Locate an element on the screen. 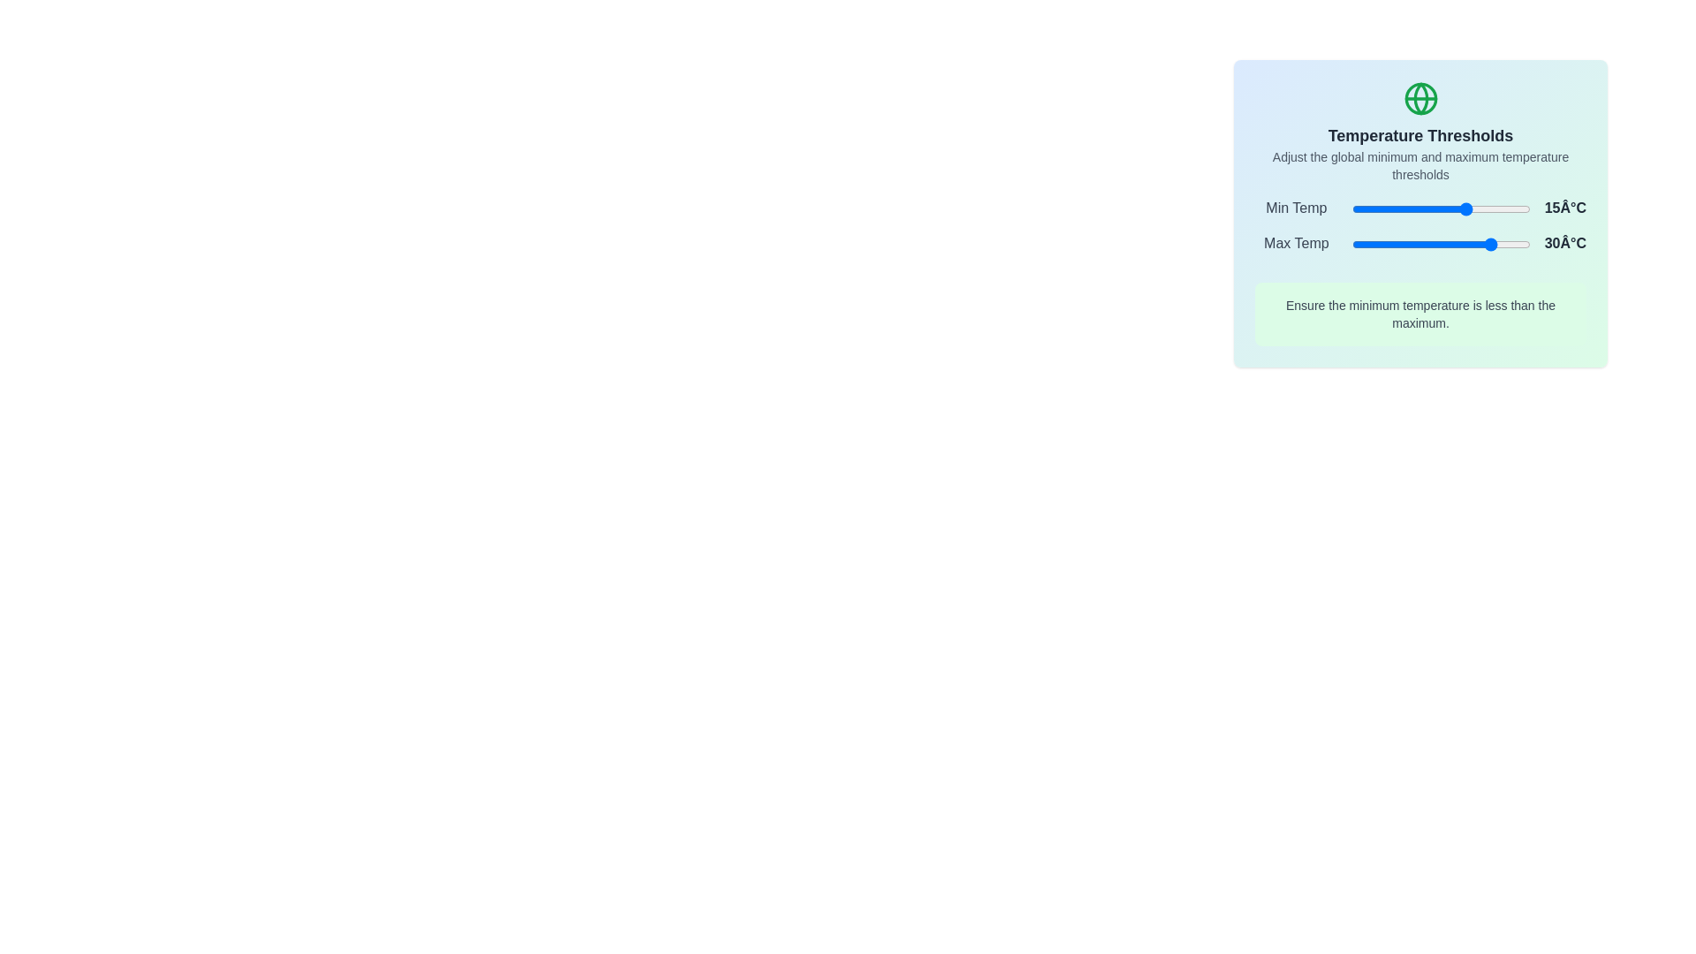  the maximum temperature slider to 18°C is located at coordinates (1473, 245).